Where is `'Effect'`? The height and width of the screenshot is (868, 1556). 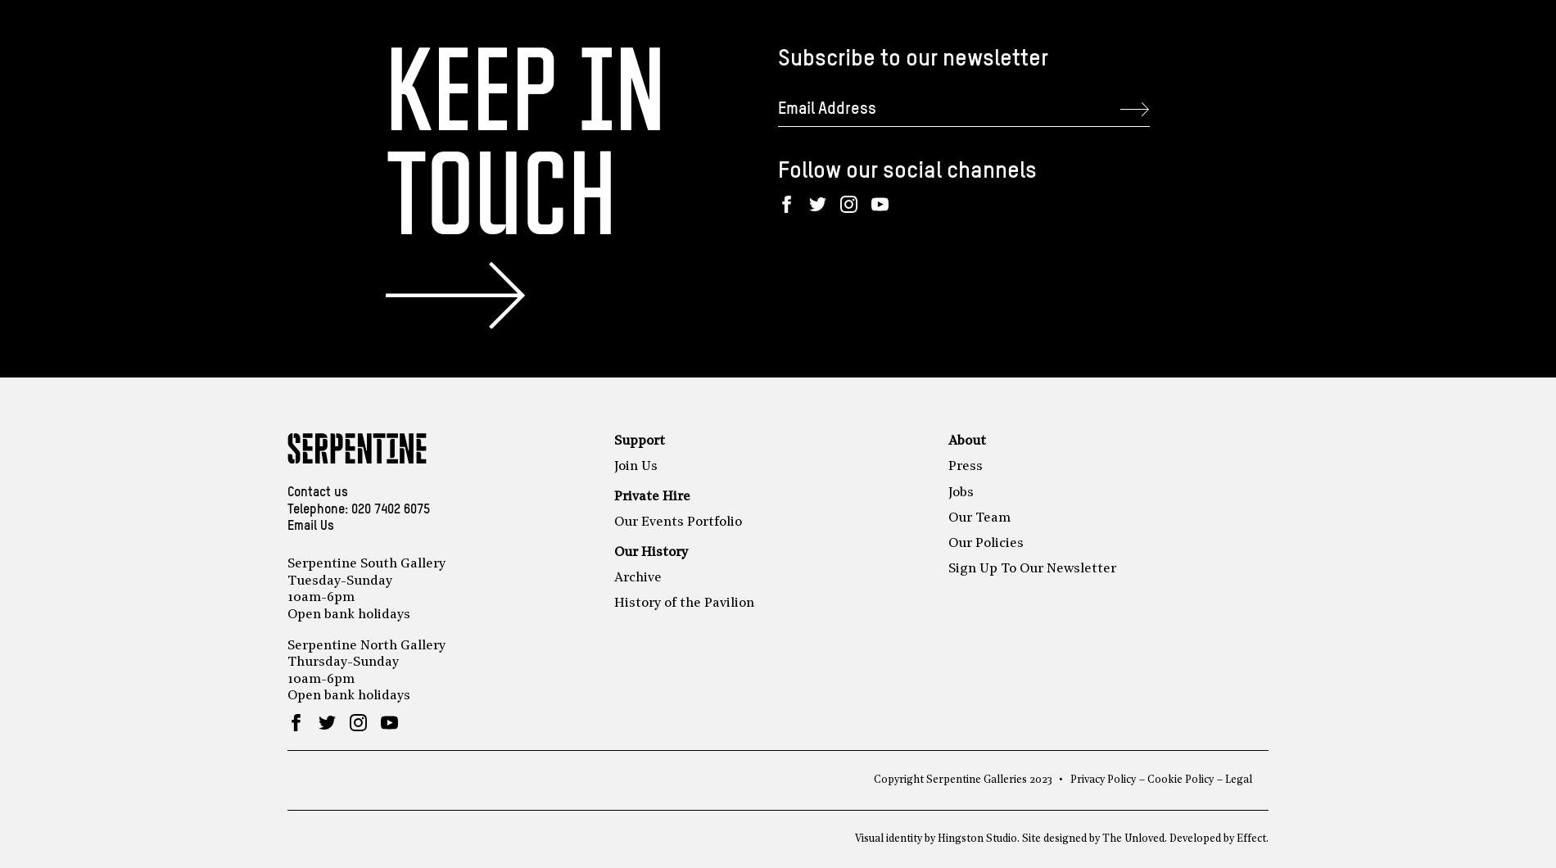 'Effect' is located at coordinates (1236, 838).